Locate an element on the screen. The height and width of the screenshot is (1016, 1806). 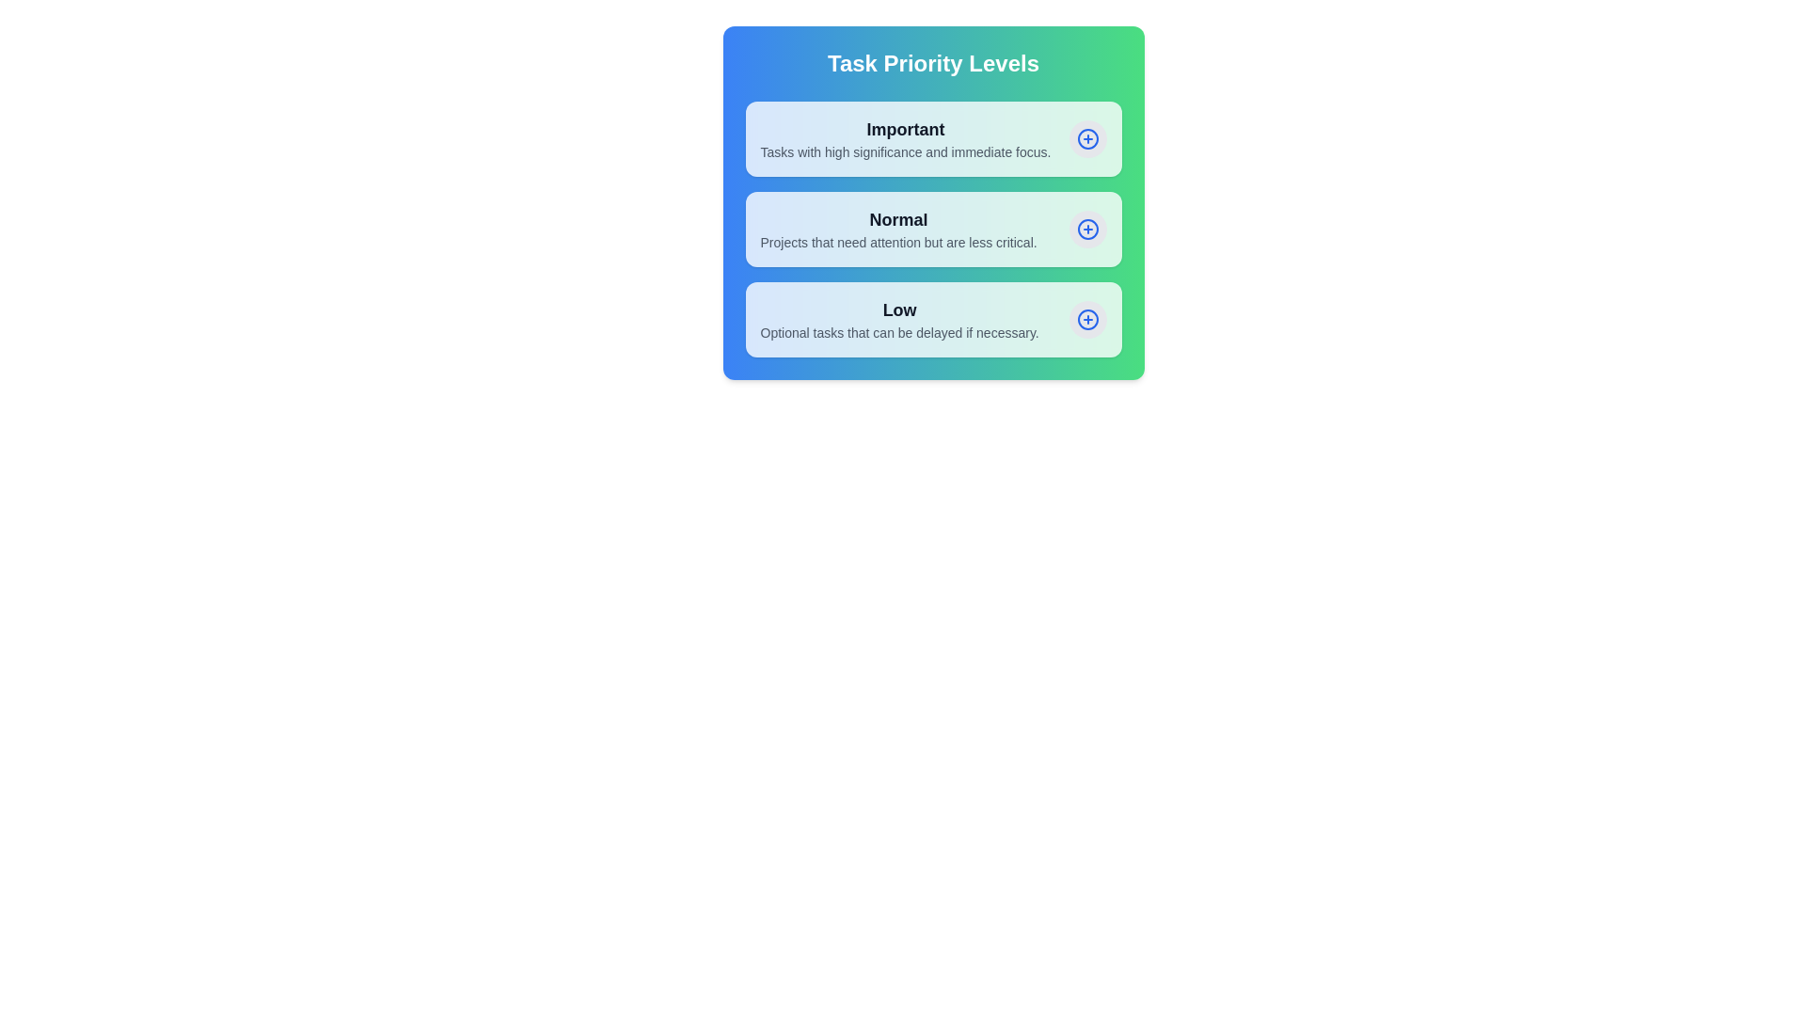
the circular shape with a blue border and light gray fill, part of the plus icon located in the 'Normal' priority level row in the 'Task Priority Levels' interface is located at coordinates (1087, 228).